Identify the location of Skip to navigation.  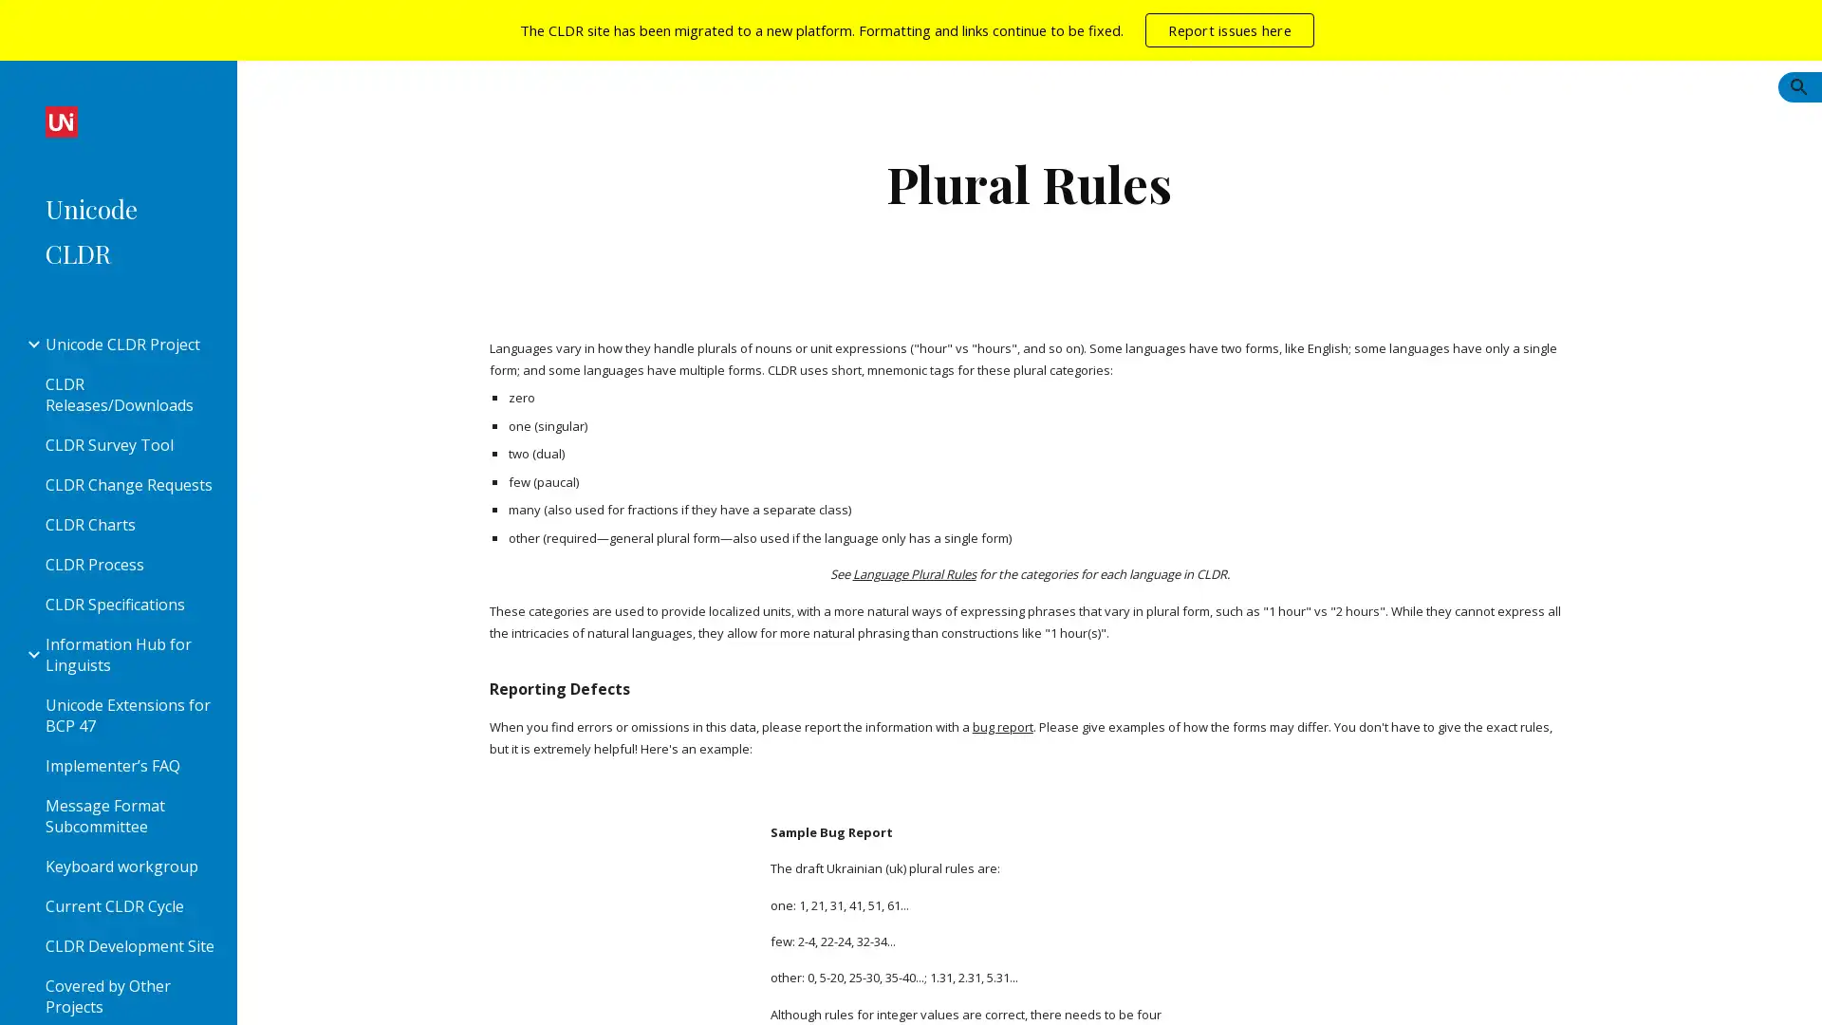
(1081, 35).